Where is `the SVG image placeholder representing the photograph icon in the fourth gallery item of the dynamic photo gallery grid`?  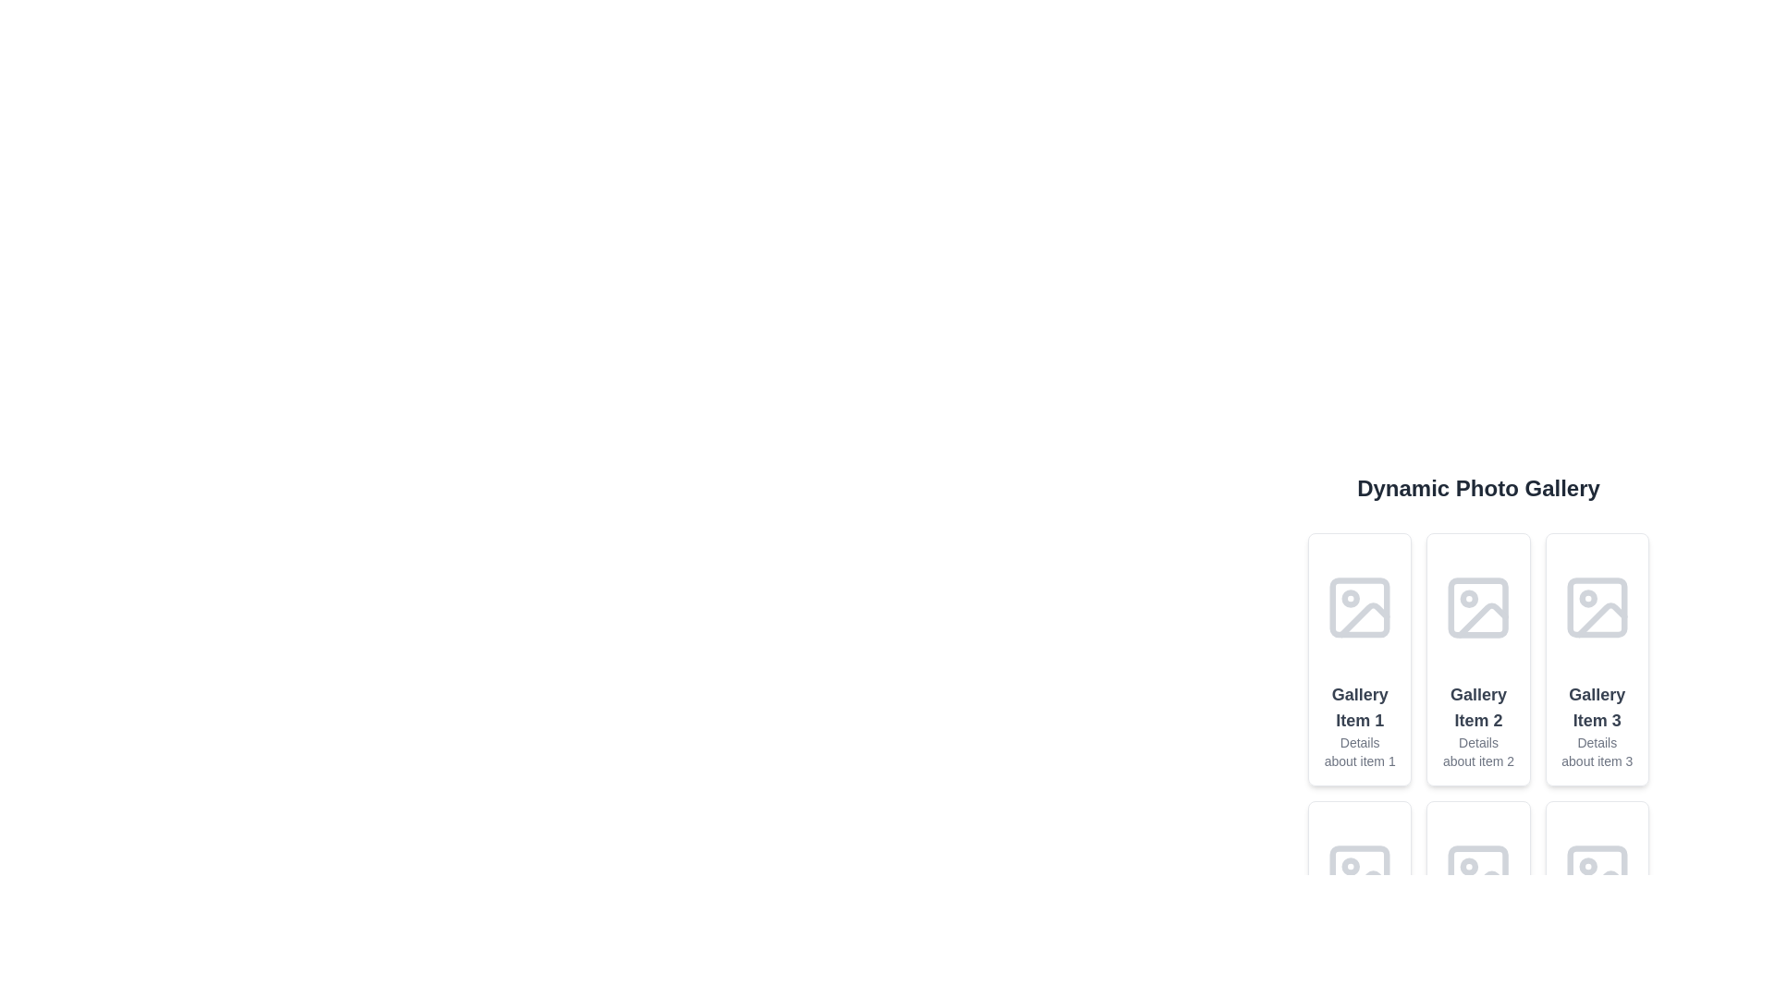
the SVG image placeholder representing the photograph icon in the fourth gallery item of the dynamic photo gallery grid is located at coordinates (1360, 875).